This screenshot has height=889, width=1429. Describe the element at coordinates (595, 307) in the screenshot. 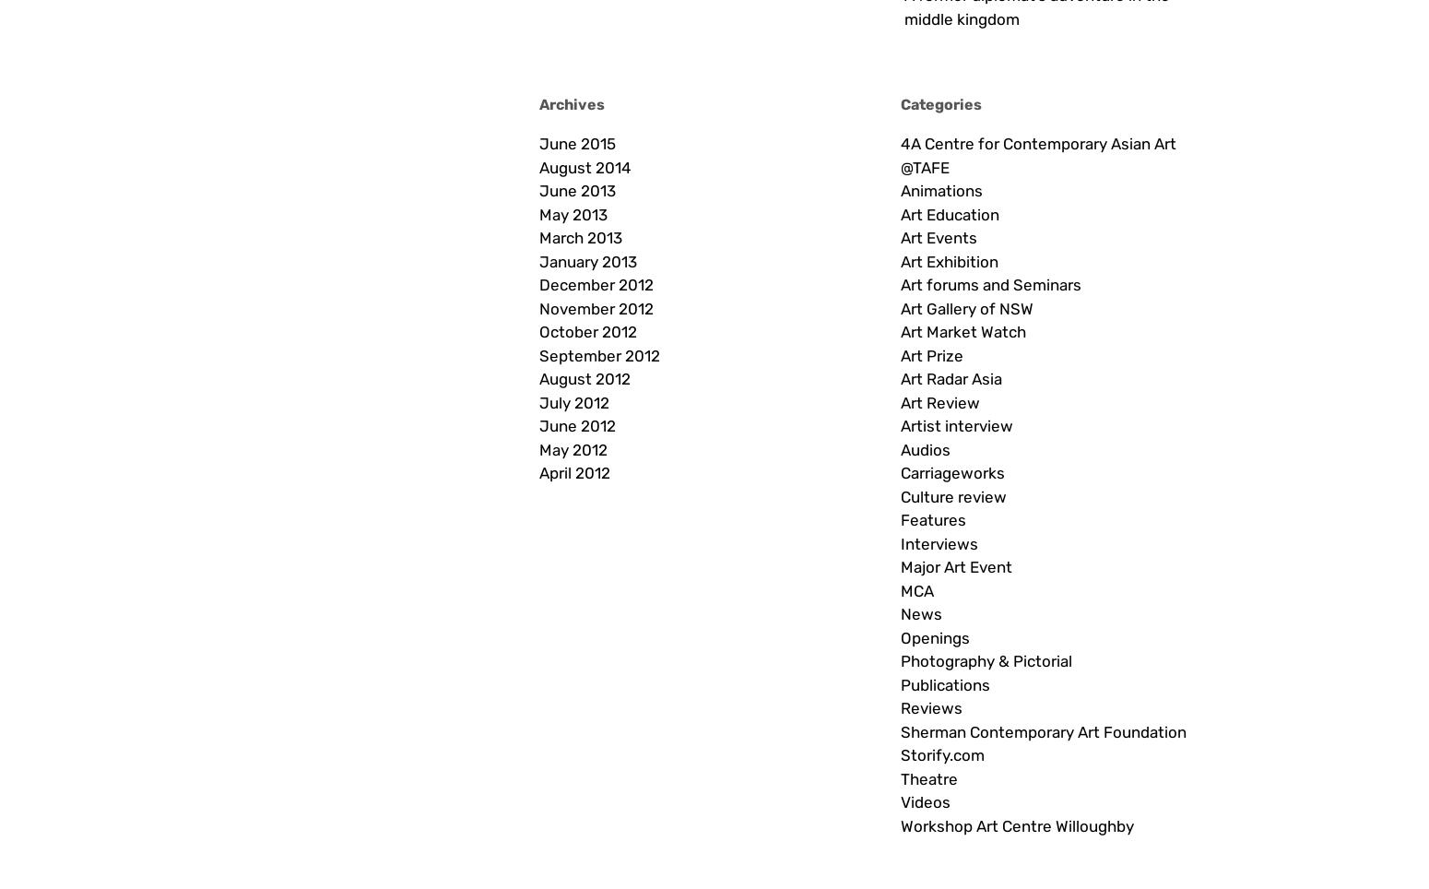

I see `'November 2012'` at that location.